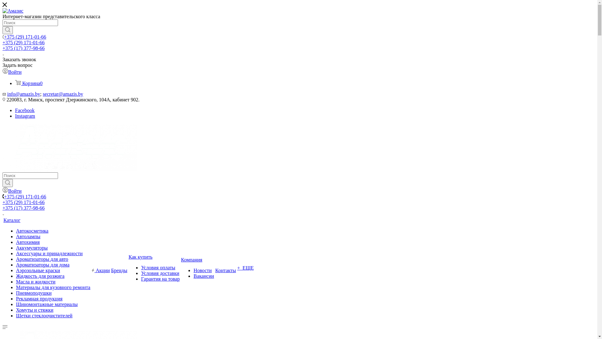 This screenshot has height=339, width=602. What do you see at coordinates (24, 202) in the screenshot?
I see `'+375 (29) 171-01-66'` at bounding box center [24, 202].